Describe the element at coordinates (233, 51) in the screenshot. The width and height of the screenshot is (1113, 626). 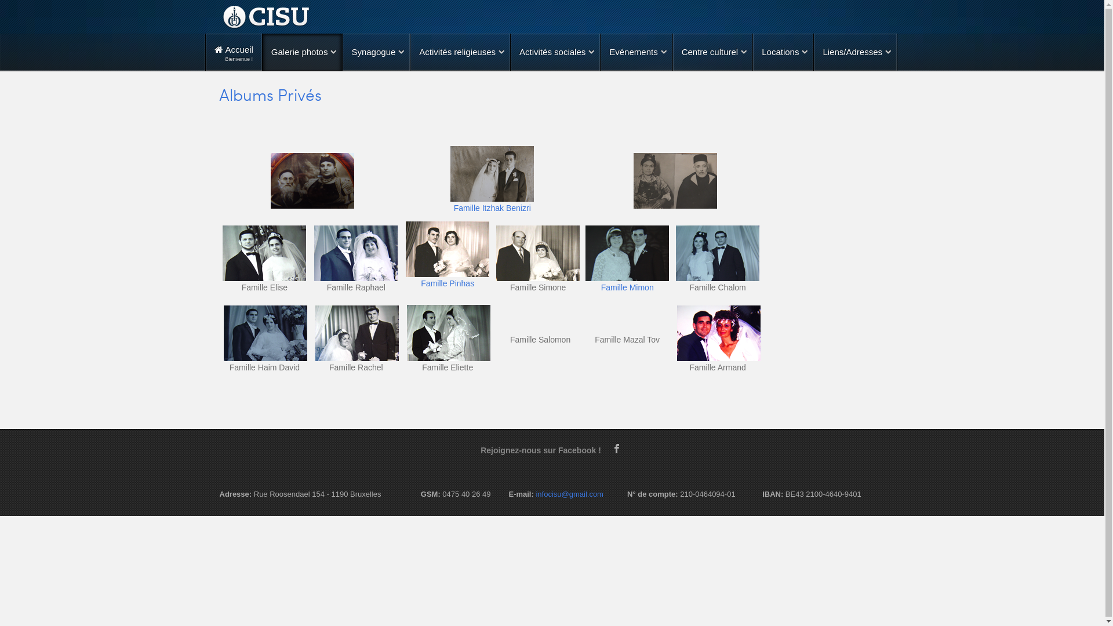
I see `'Accueil` at that location.